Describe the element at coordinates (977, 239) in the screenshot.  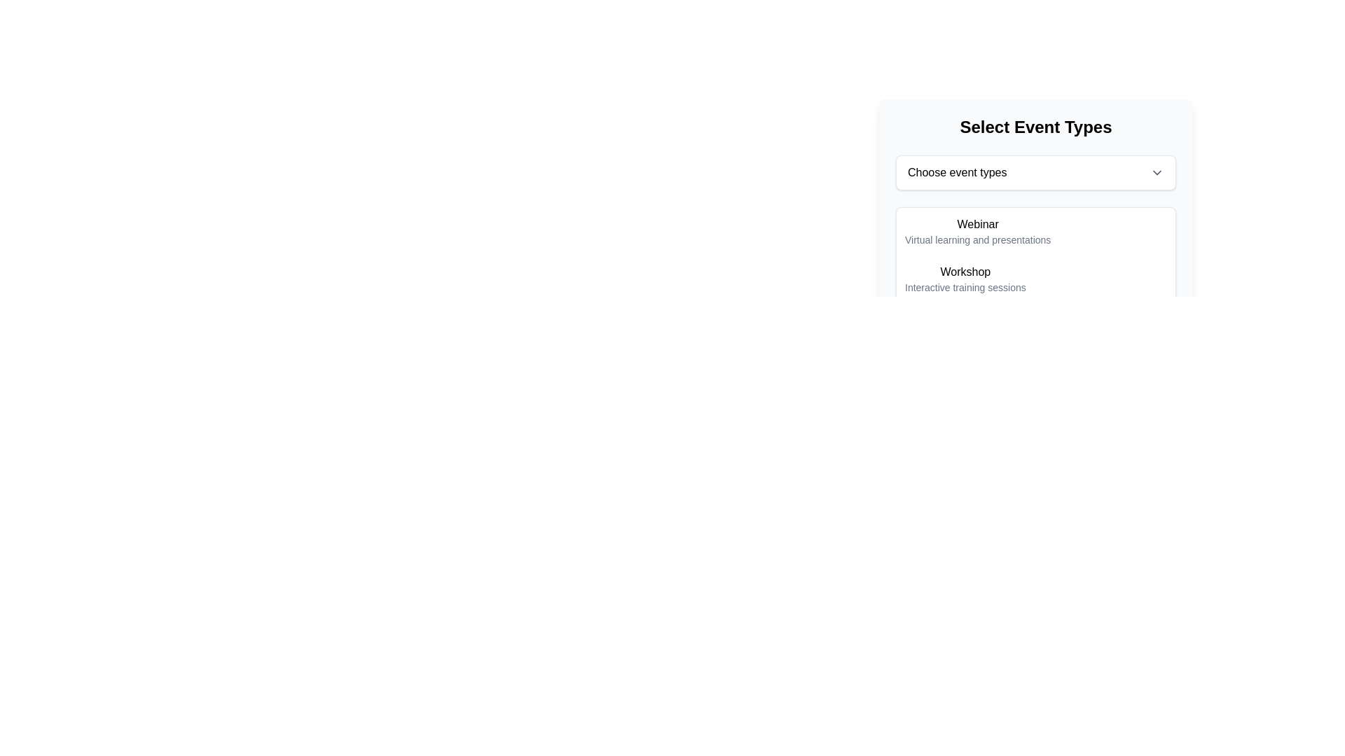
I see `the text label displaying 'Virtual learning and presentations'` at that location.